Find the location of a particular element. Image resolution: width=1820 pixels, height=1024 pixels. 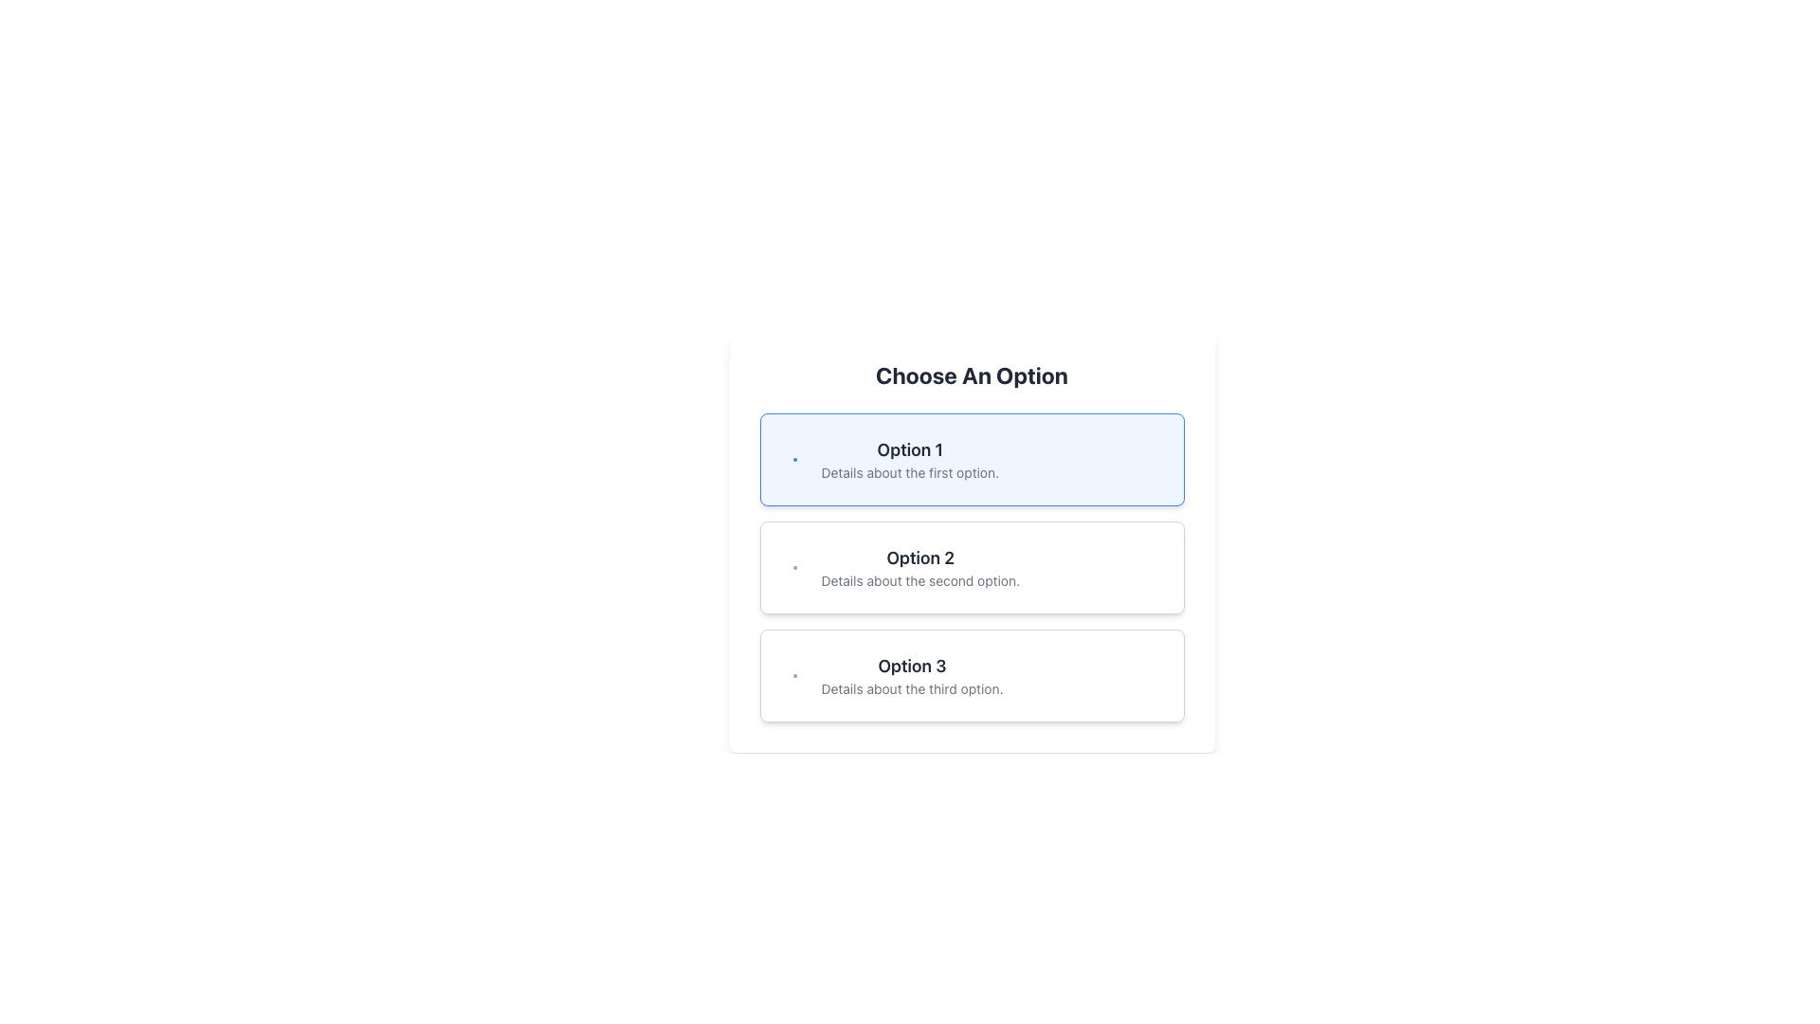

the button labeled 'Option 3' which is the third button in a vertical stack of options, styled with a light gray border and white background is located at coordinates (972, 675).